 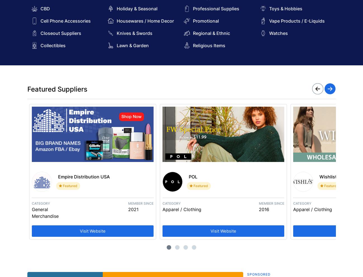 I want to click on '2016', so click(x=264, y=209).